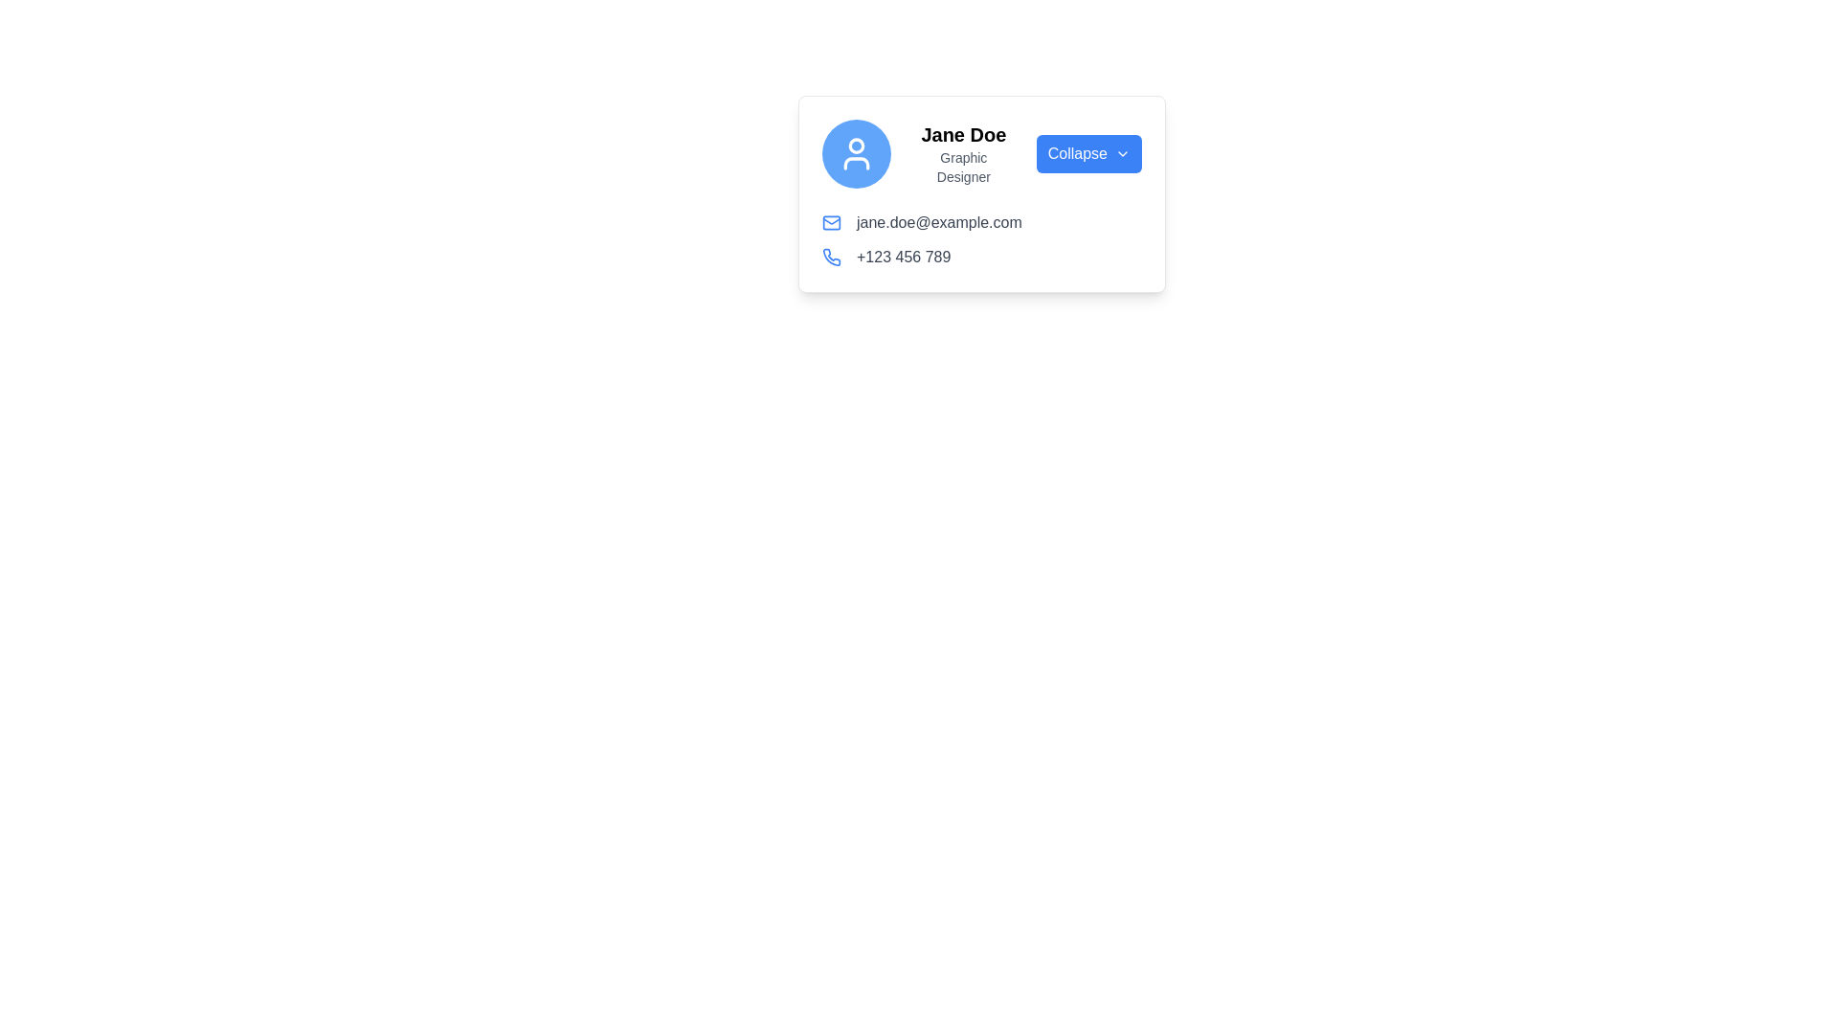 Image resolution: width=1838 pixels, height=1034 pixels. What do you see at coordinates (831, 221) in the screenshot?
I see `the small blue envelope icon located to the left of the email address 'jane.doe@example.com'` at bounding box center [831, 221].